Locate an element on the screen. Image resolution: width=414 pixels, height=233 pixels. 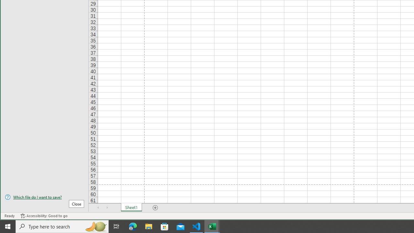
'Excel - 2 running windows' is located at coordinates (212, 226).